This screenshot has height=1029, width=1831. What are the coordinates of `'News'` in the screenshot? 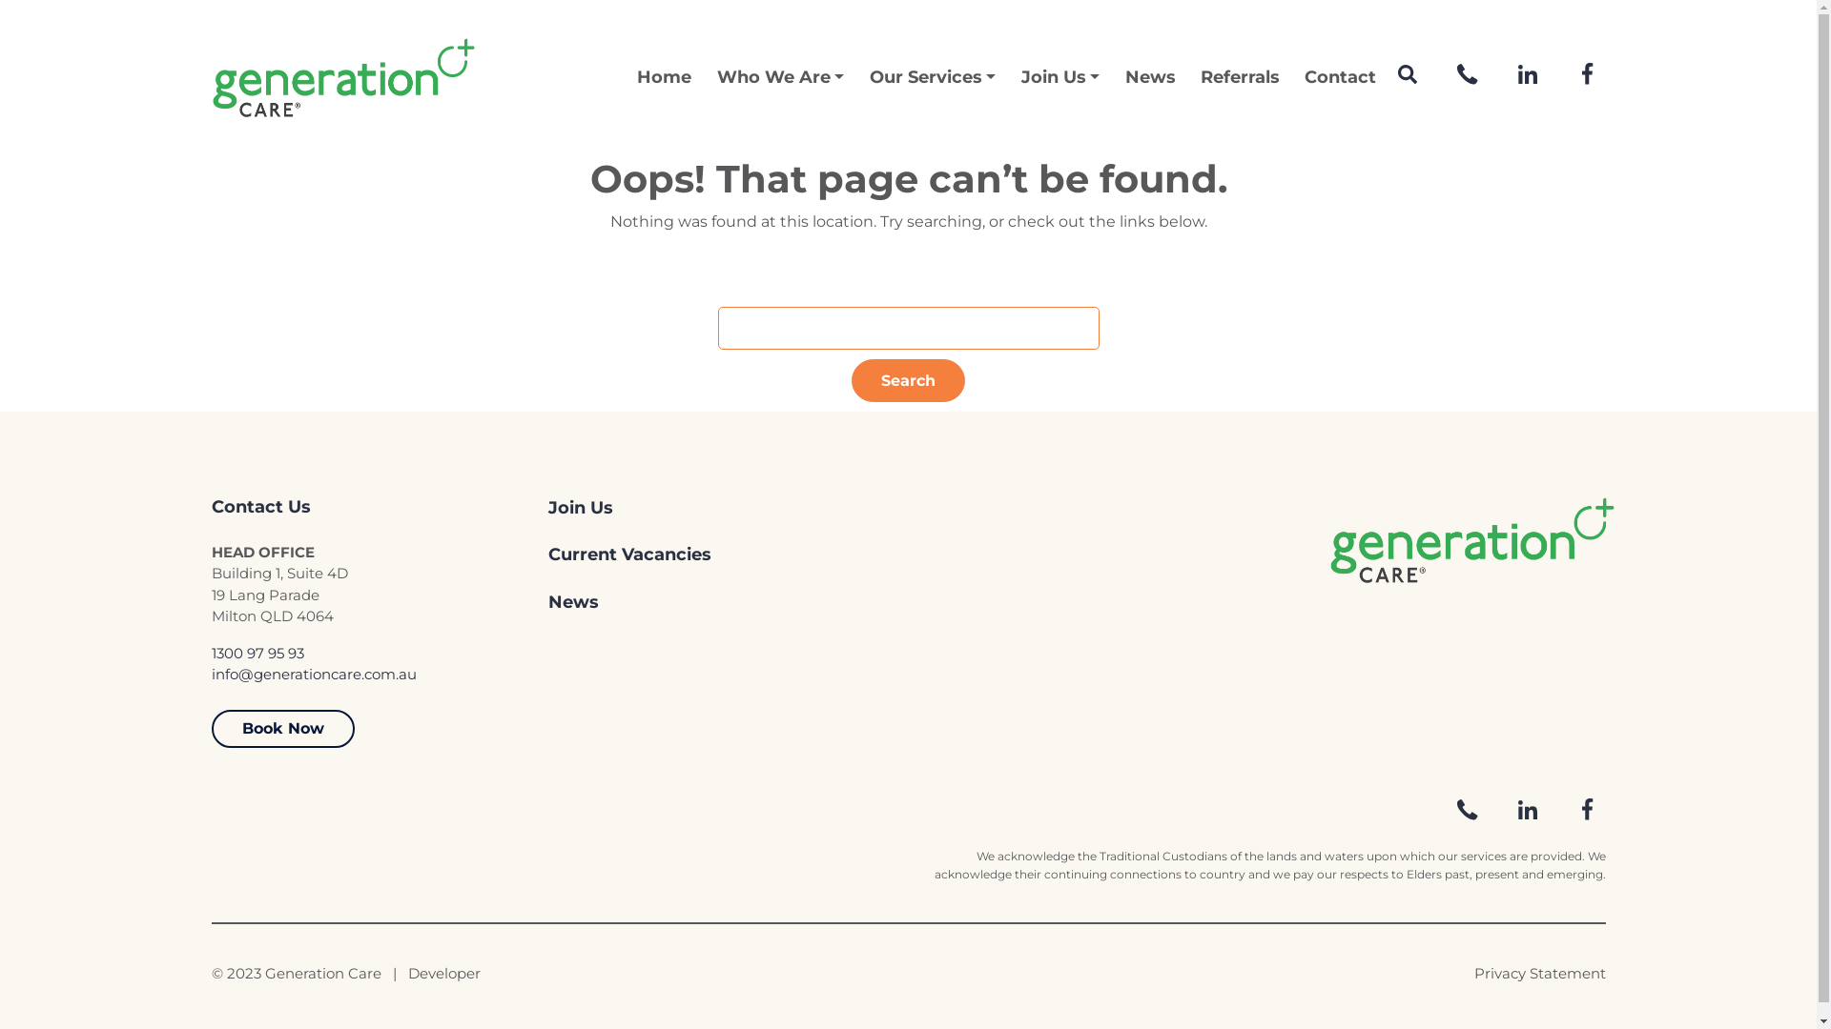 It's located at (1148, 76).